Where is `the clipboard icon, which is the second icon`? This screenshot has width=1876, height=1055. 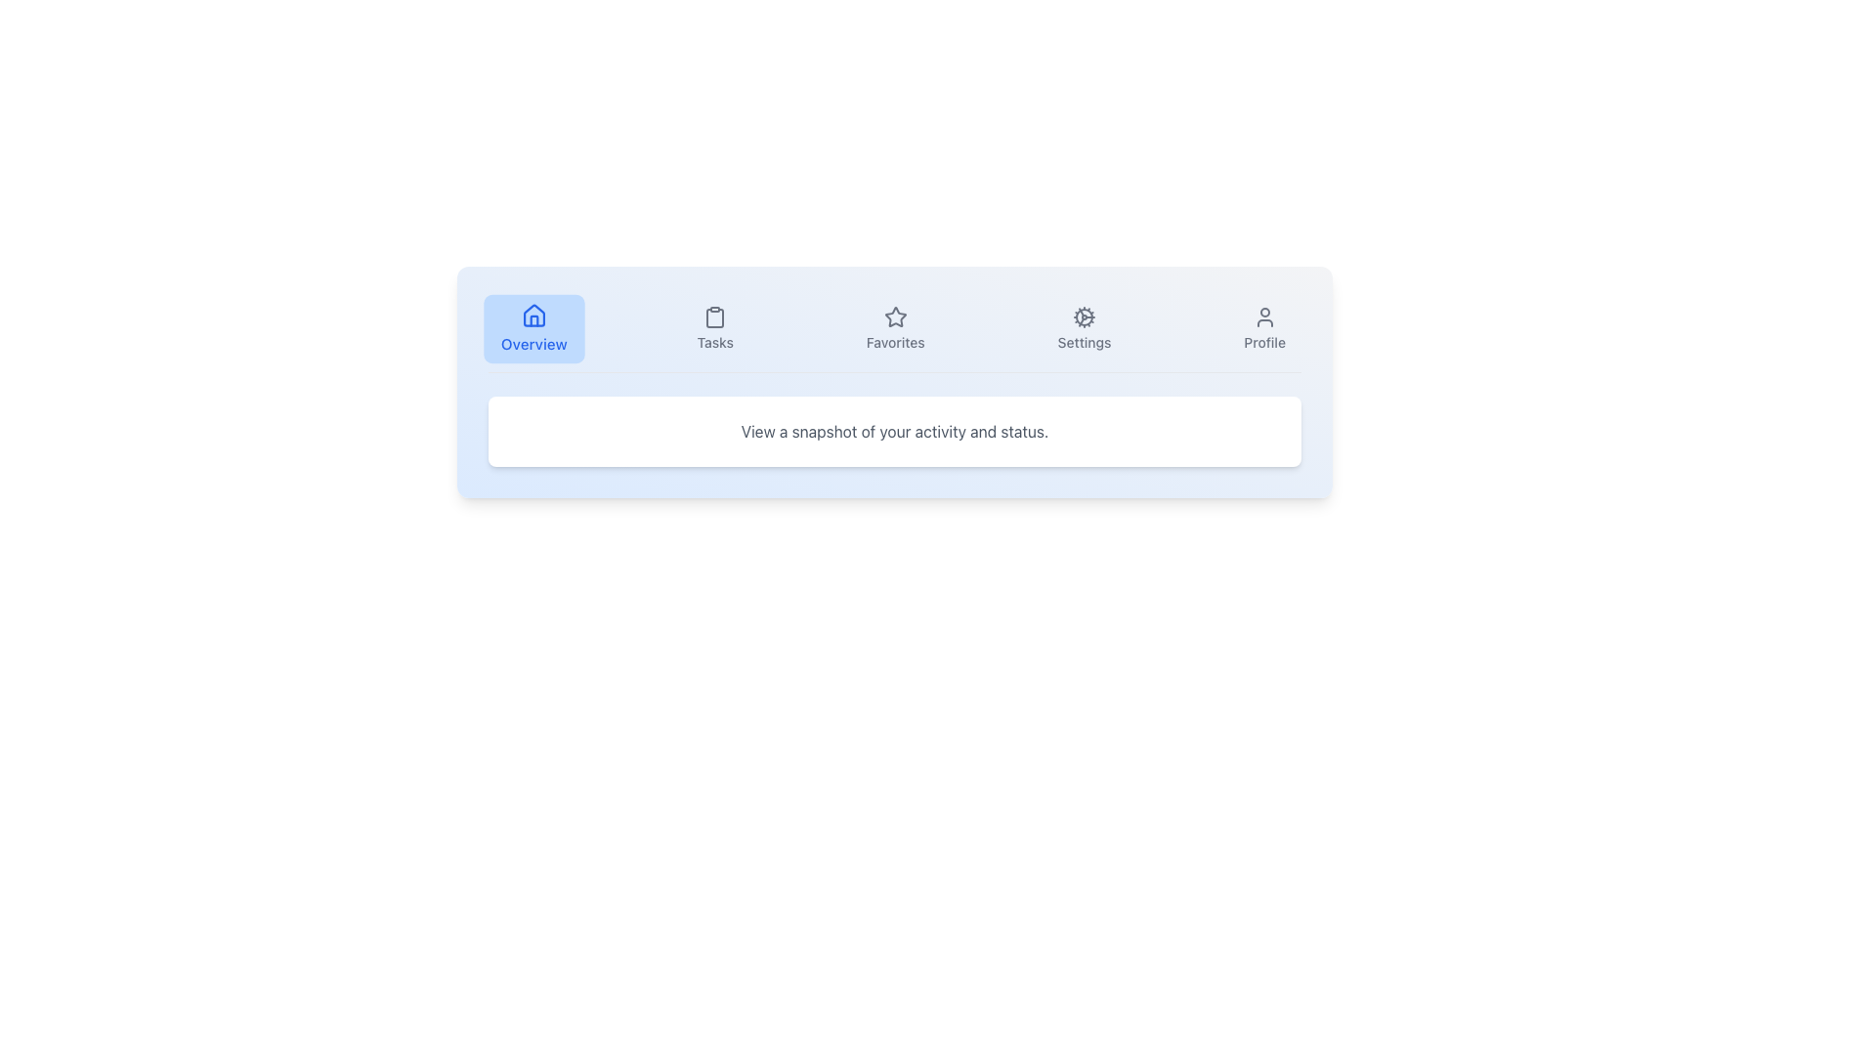 the clipboard icon, which is the second icon is located at coordinates (714, 317).